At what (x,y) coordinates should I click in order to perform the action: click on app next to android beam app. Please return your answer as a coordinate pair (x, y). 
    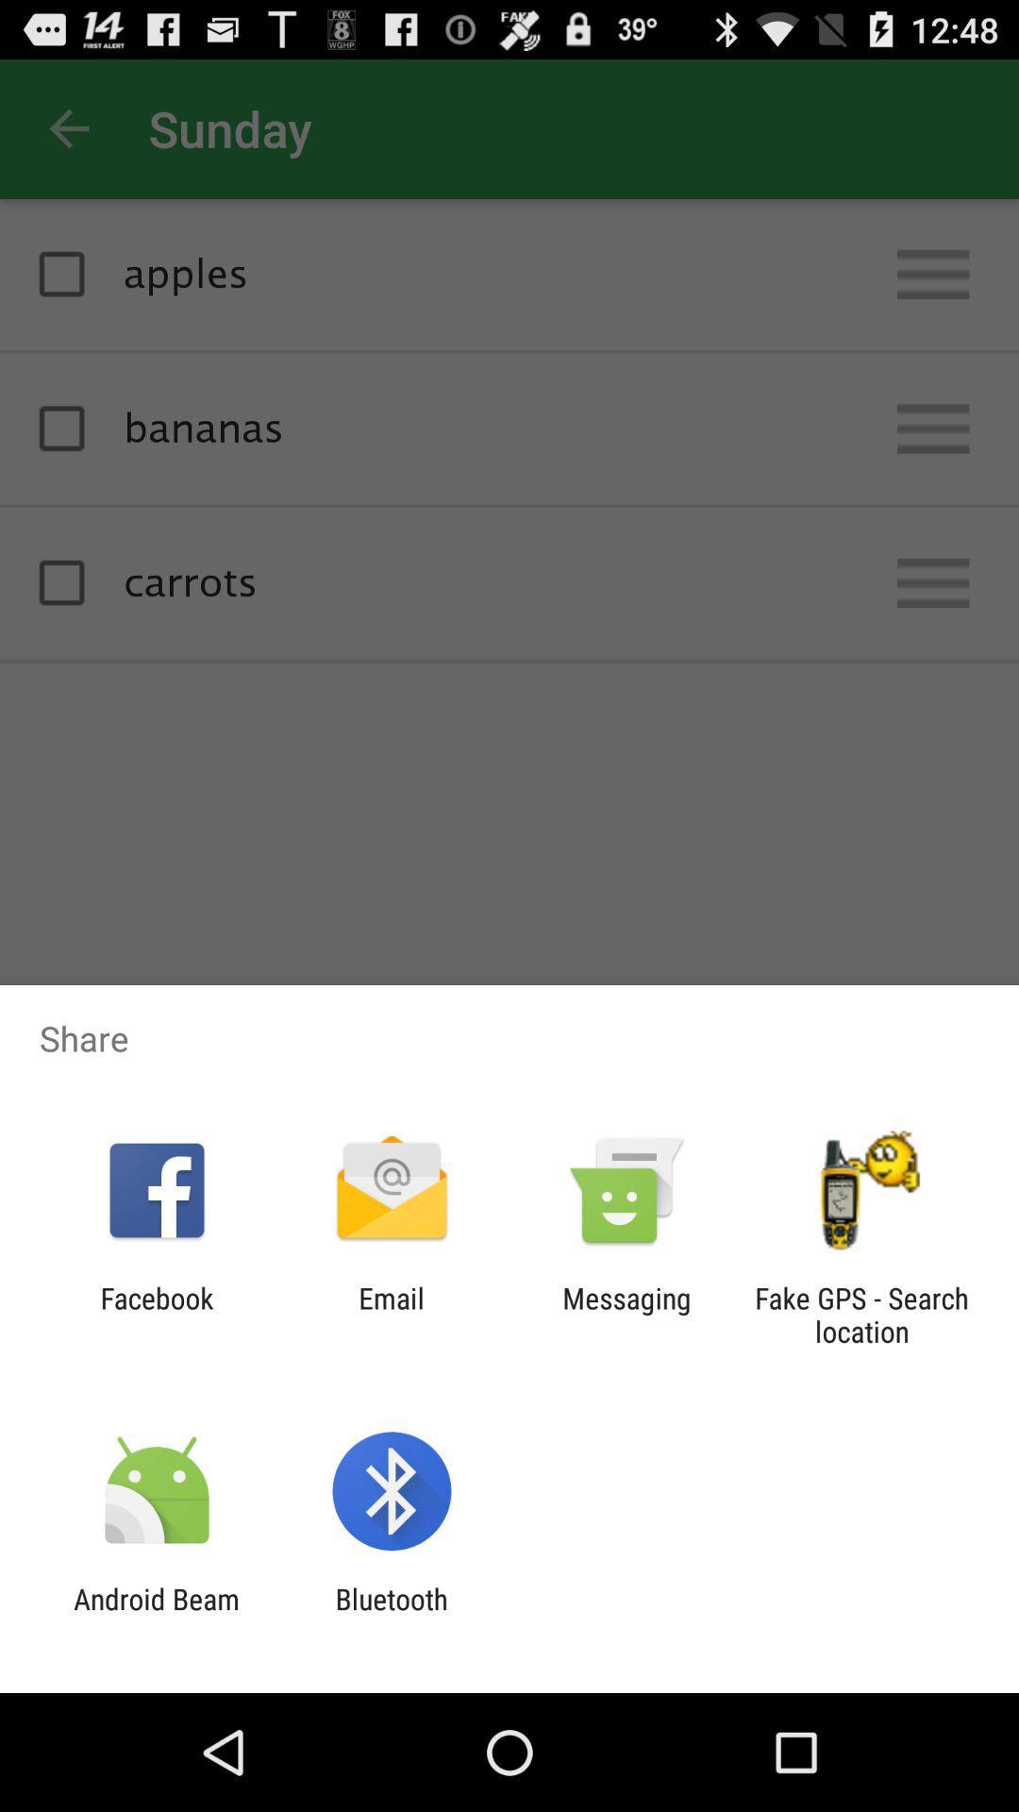
    Looking at the image, I should click on (391, 1615).